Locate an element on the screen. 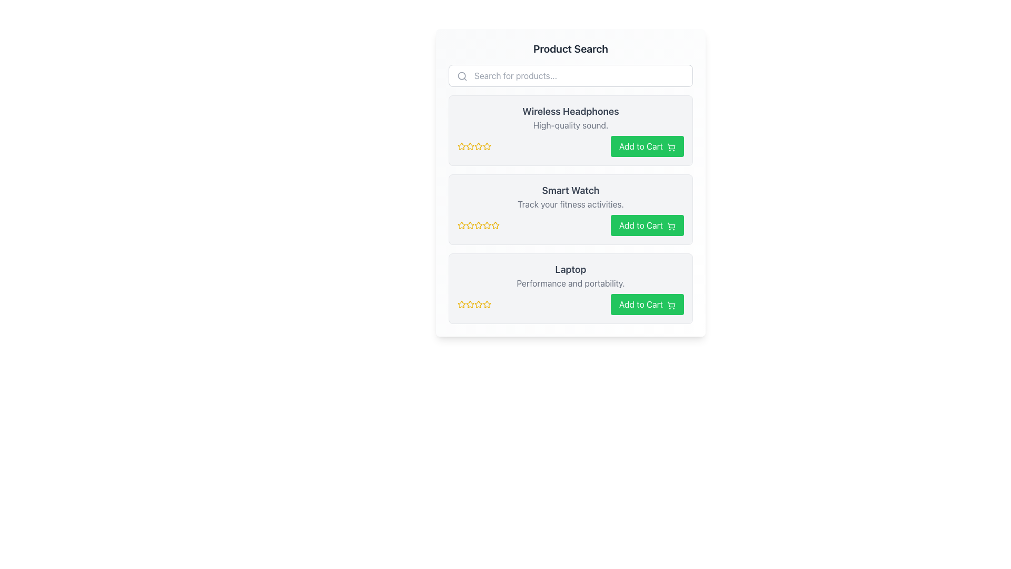  the first yellow star rating icon located below the product title 'Wireless Headphones' to rate it is located at coordinates (462, 146).